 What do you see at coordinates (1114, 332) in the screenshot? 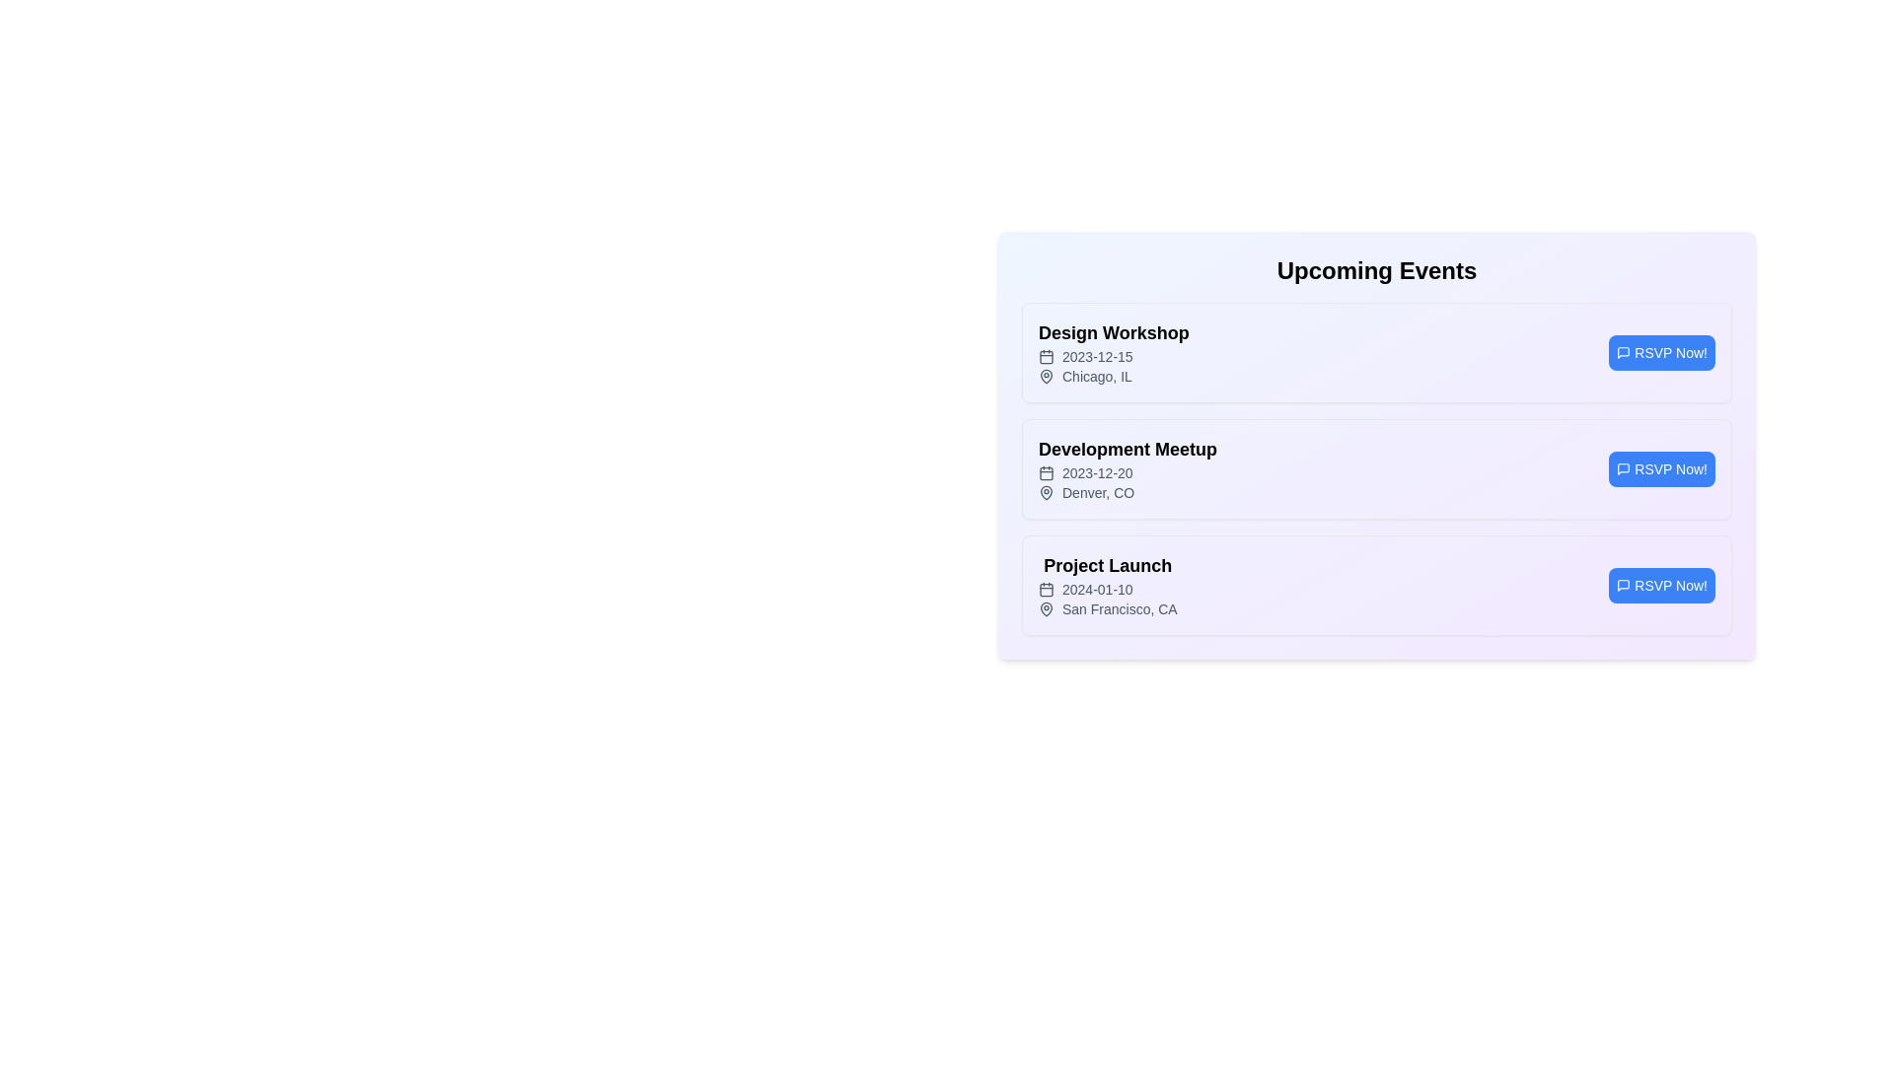
I see `the metadata of the event titled Design Workshop` at bounding box center [1114, 332].